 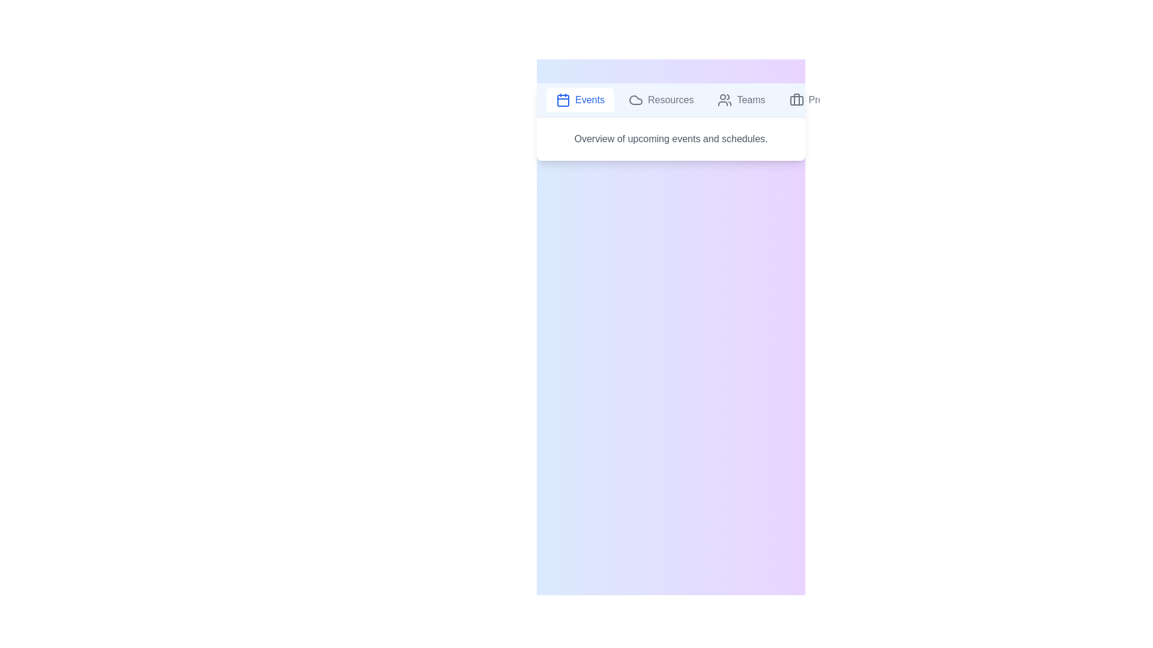 What do you see at coordinates (661, 99) in the screenshot?
I see `the tab labeled Resources to display its content` at bounding box center [661, 99].